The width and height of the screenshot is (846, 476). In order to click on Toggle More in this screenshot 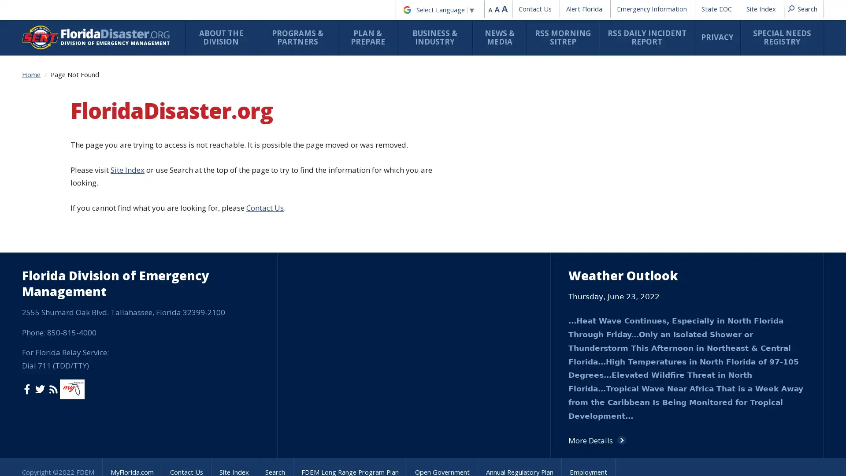, I will do `click(353, 168)`.